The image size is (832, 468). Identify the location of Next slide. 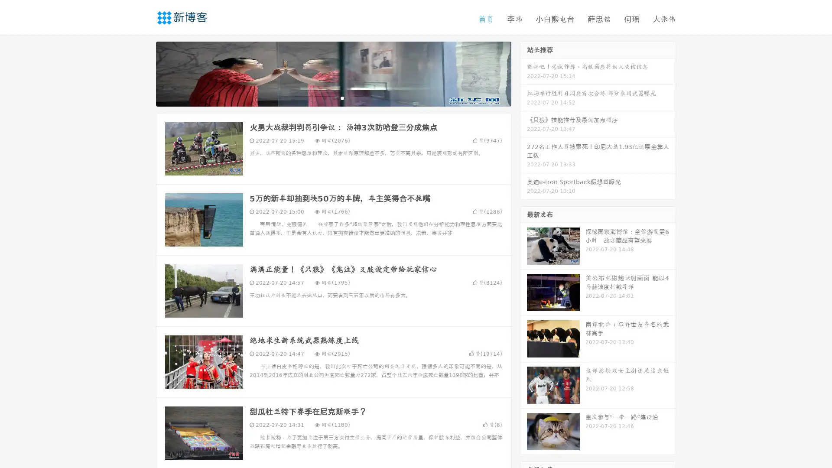
(523, 73).